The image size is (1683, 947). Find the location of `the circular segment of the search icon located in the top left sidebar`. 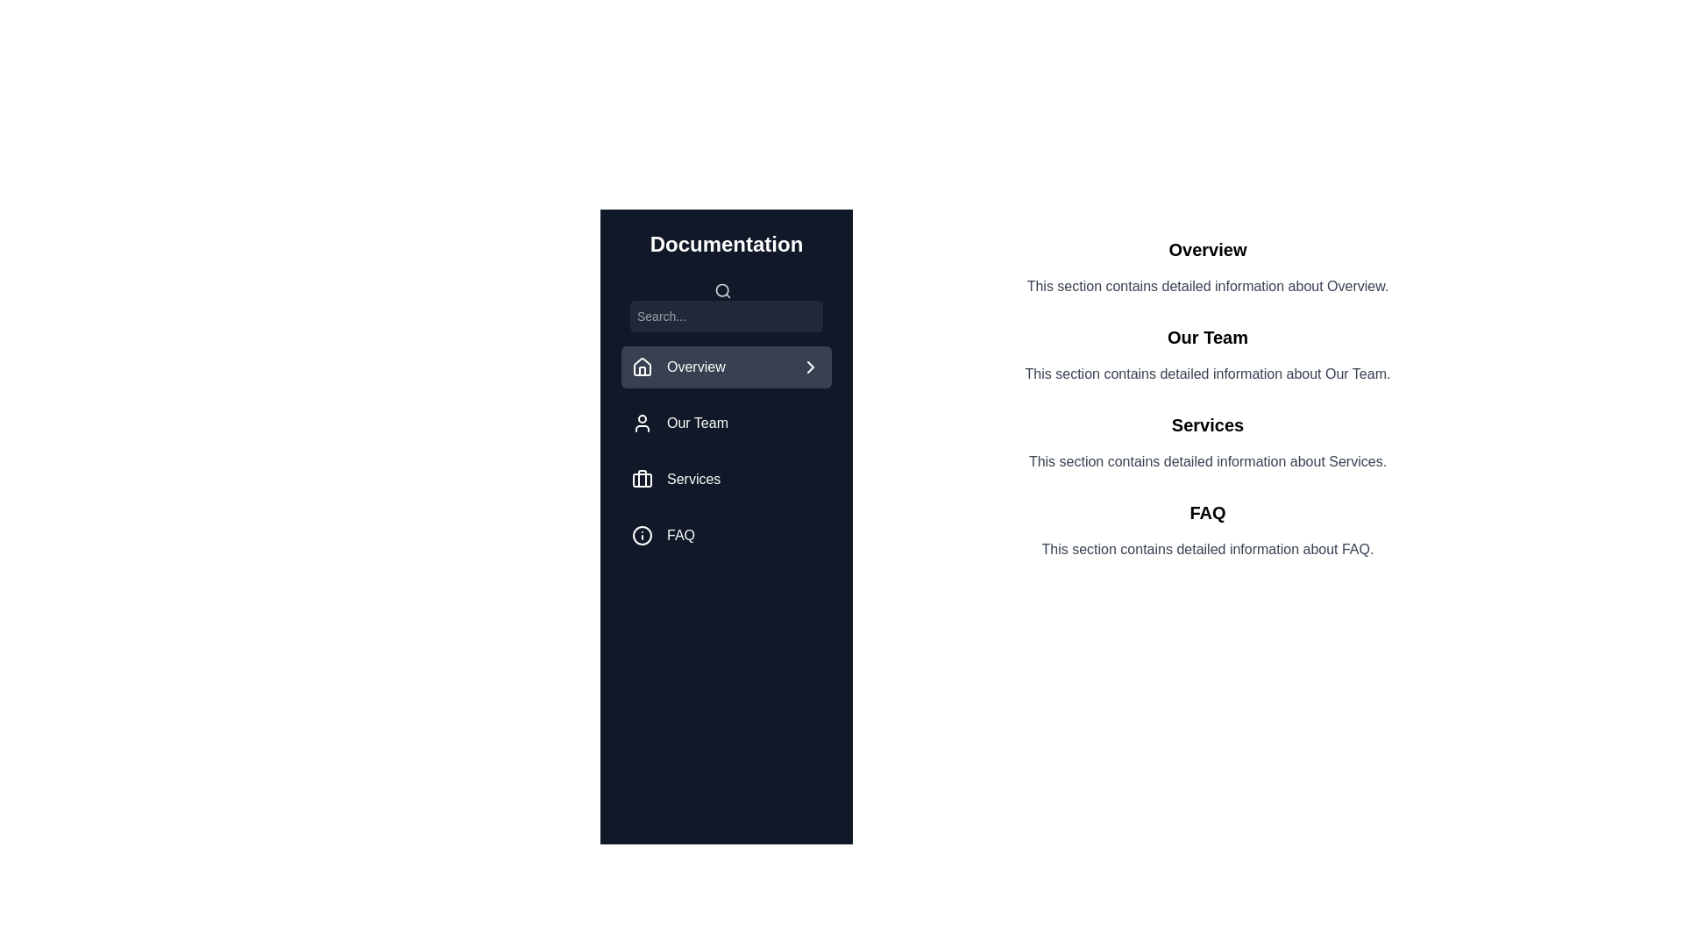

the circular segment of the search icon located in the top left sidebar is located at coordinates (722, 288).